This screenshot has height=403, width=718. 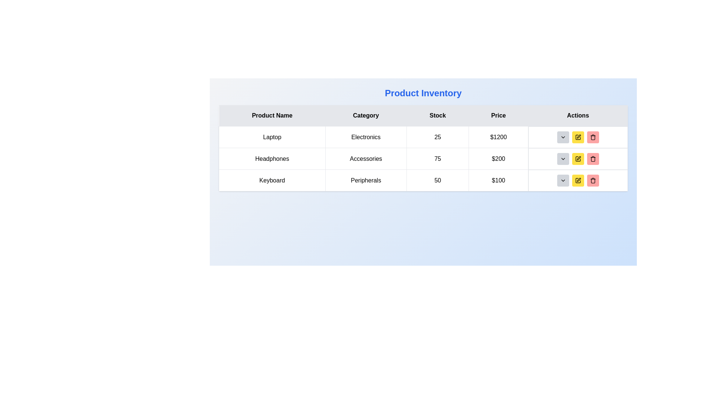 I want to click on the delete button located in the 'Actions' column of the third row in the product inventory table, so click(x=592, y=180).